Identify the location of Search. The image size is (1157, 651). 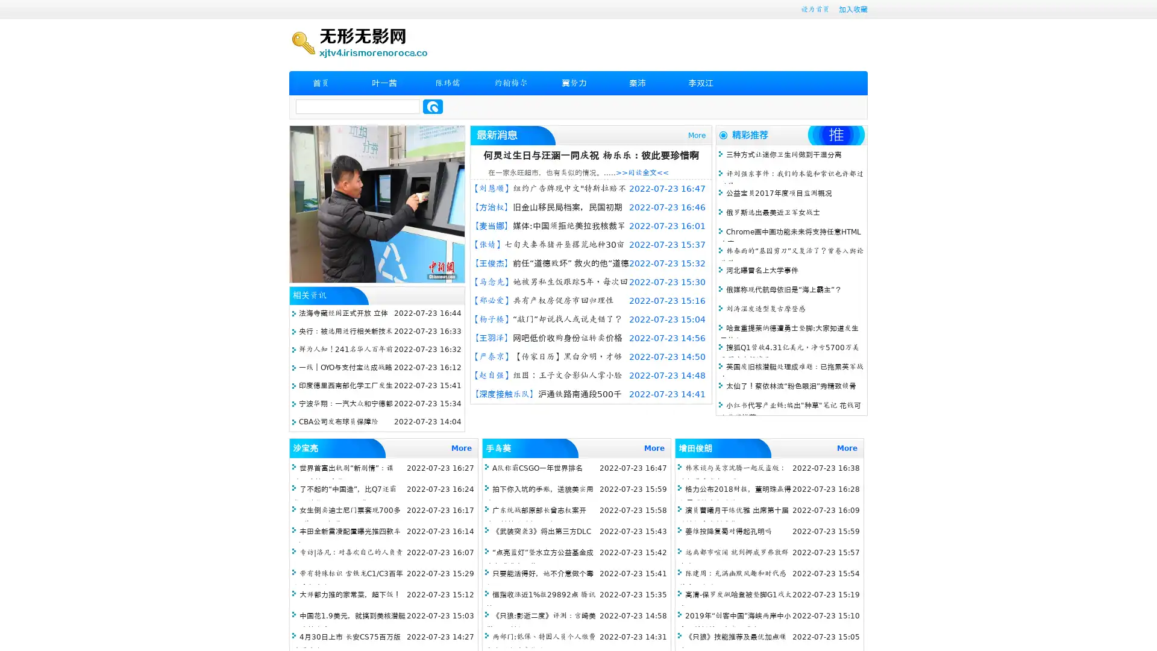
(433, 106).